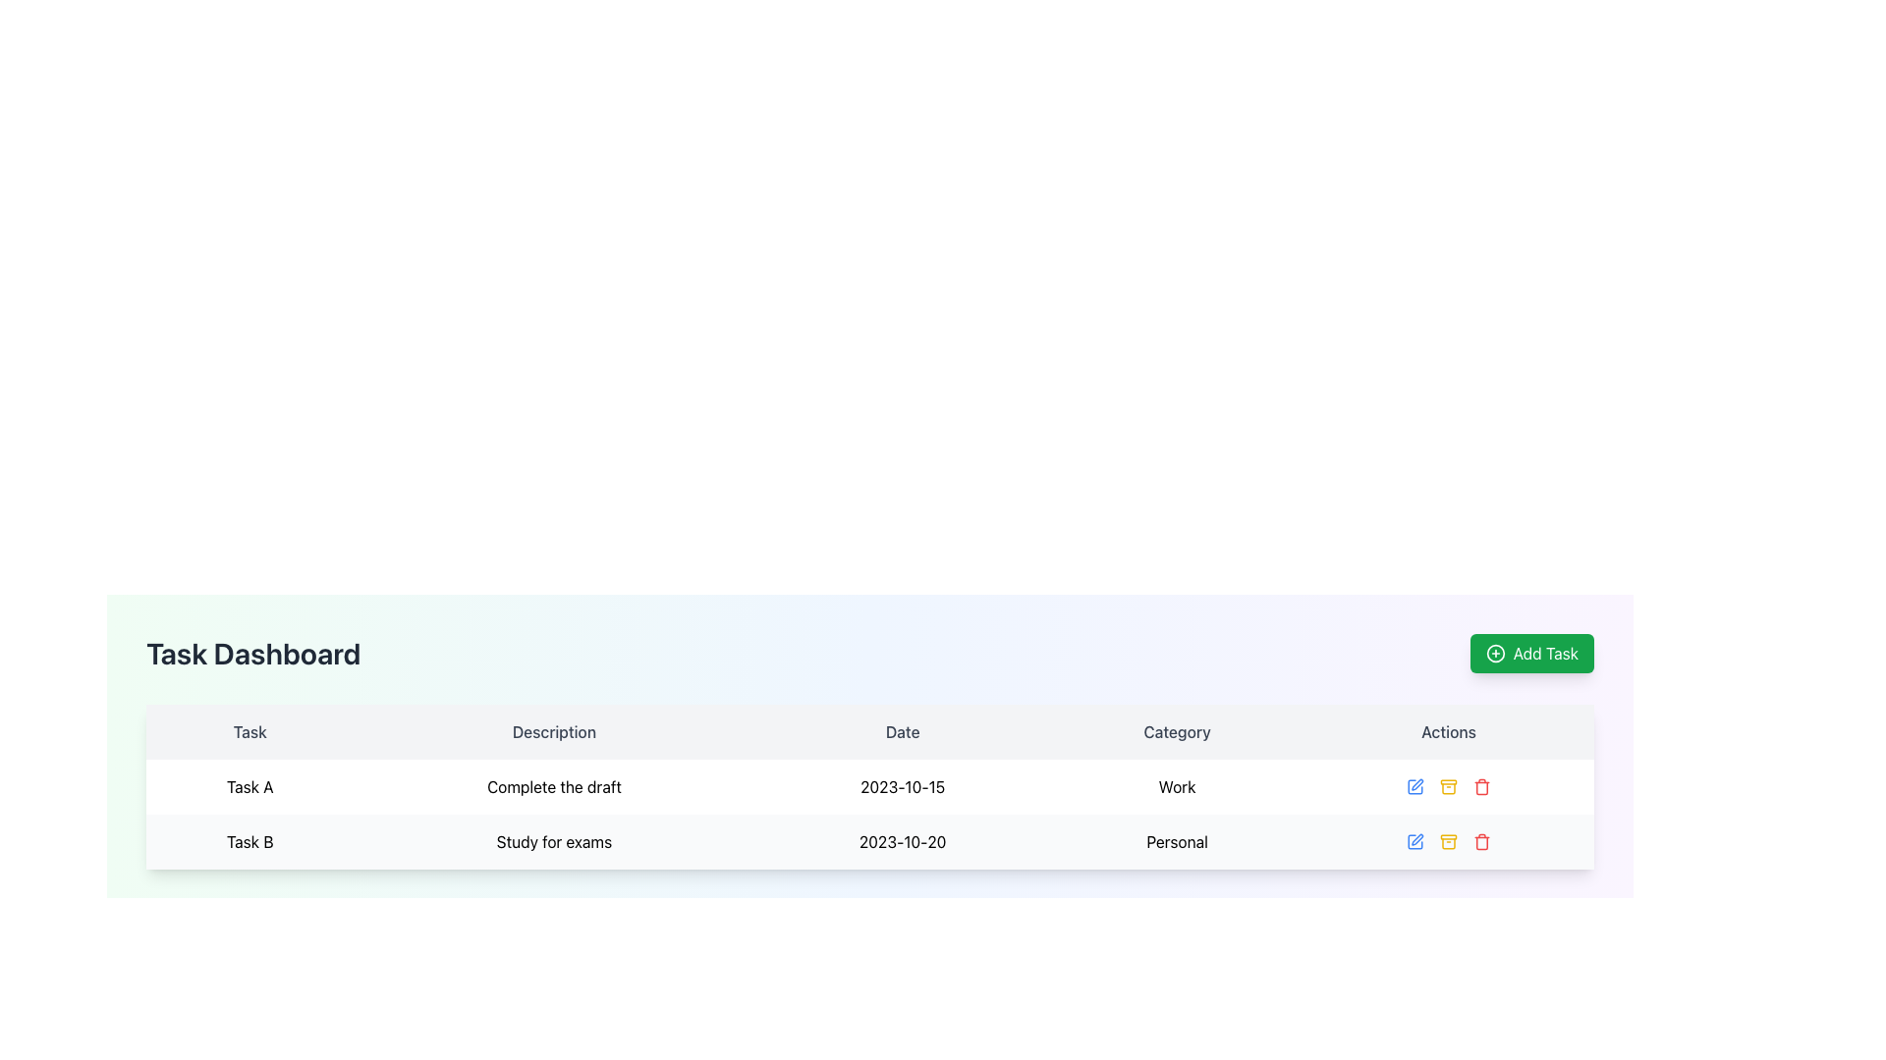 The width and height of the screenshot is (1886, 1060). I want to click on the circular green icon with a plus sign inside, which is part of the 'Add Task' button, so click(1494, 654).